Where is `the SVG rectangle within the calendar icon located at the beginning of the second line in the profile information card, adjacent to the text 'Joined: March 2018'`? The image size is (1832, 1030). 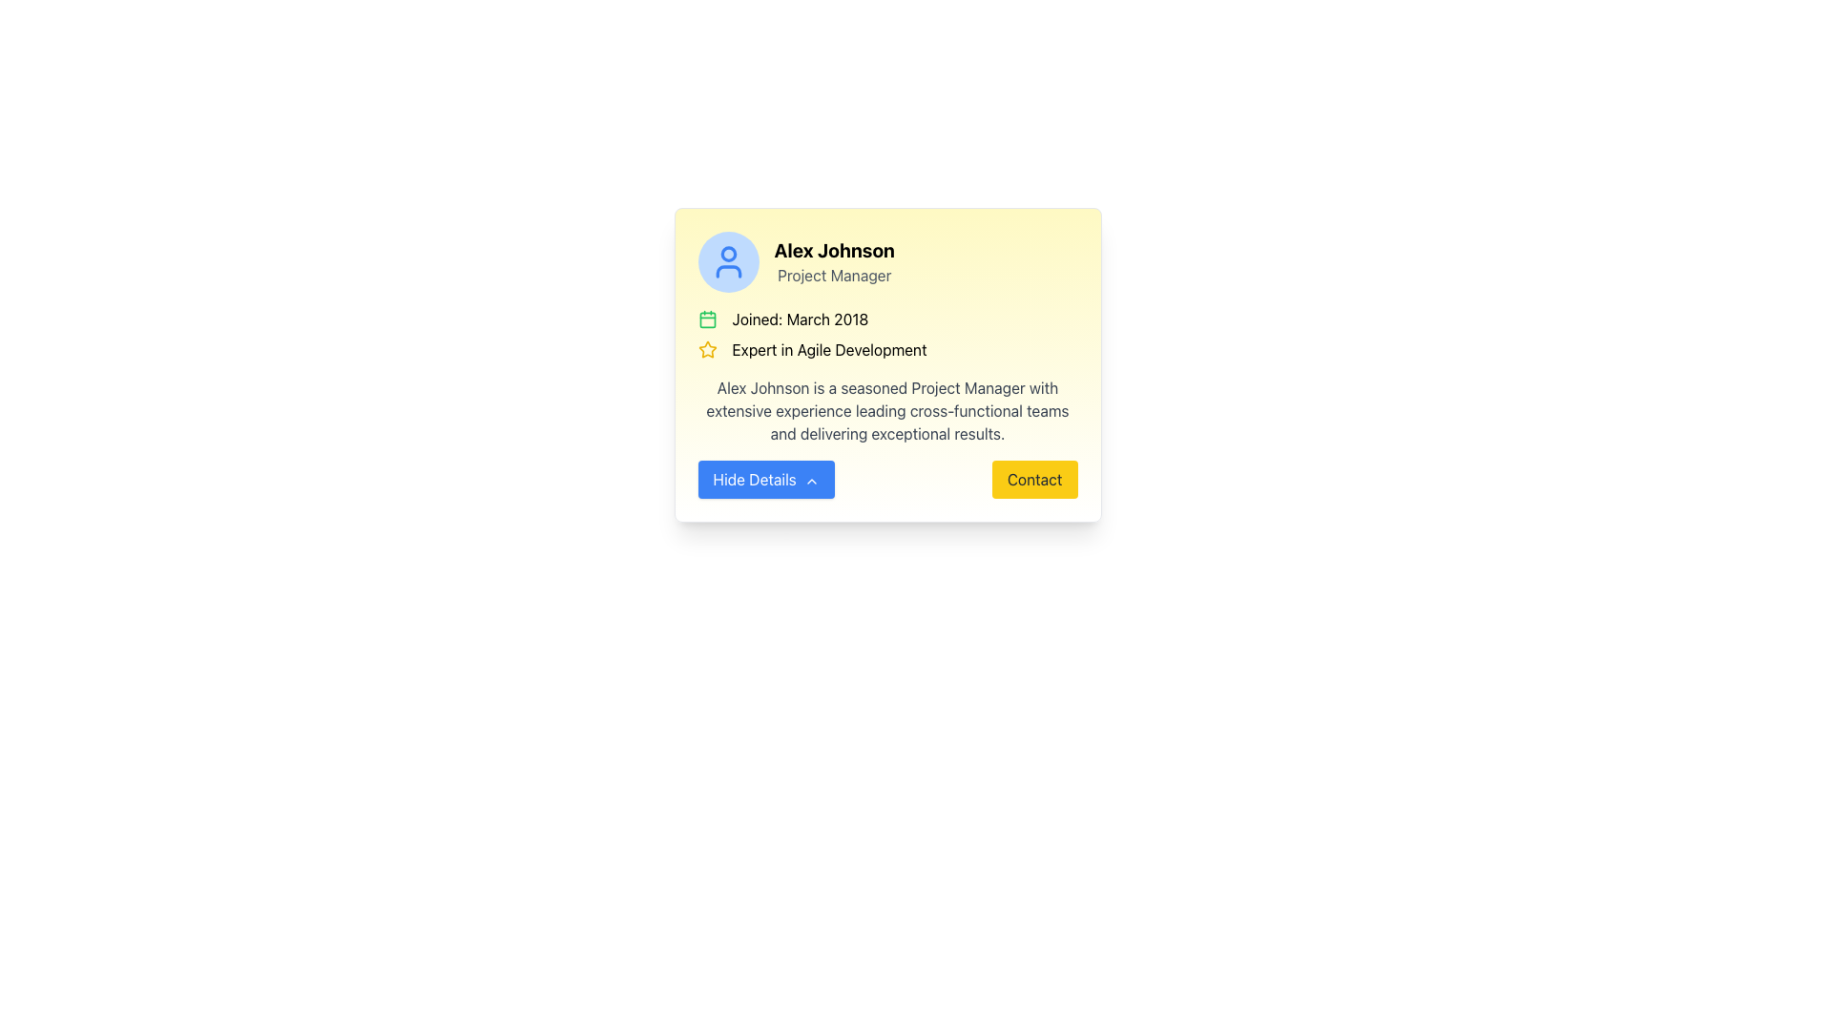 the SVG rectangle within the calendar icon located at the beginning of the second line in the profile information card, adjacent to the text 'Joined: March 2018' is located at coordinates (706, 319).